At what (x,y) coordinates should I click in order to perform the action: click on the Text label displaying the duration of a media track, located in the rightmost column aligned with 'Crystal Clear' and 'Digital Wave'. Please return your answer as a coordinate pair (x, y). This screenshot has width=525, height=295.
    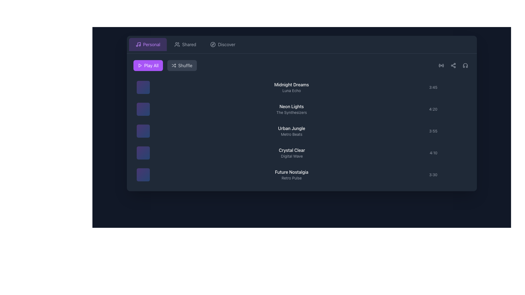
    Looking at the image, I should click on (433, 109).